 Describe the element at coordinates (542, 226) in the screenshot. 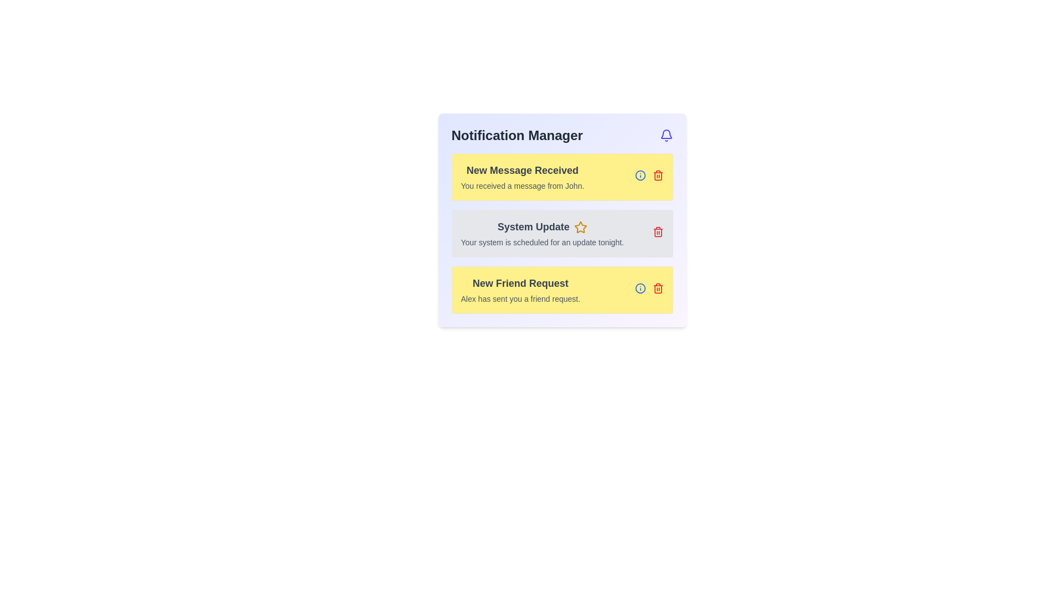

I see `the text label displaying 'System Update' in a bold, large font inside the notification box, which is positioned in the 'Notification Manager' panel` at that location.